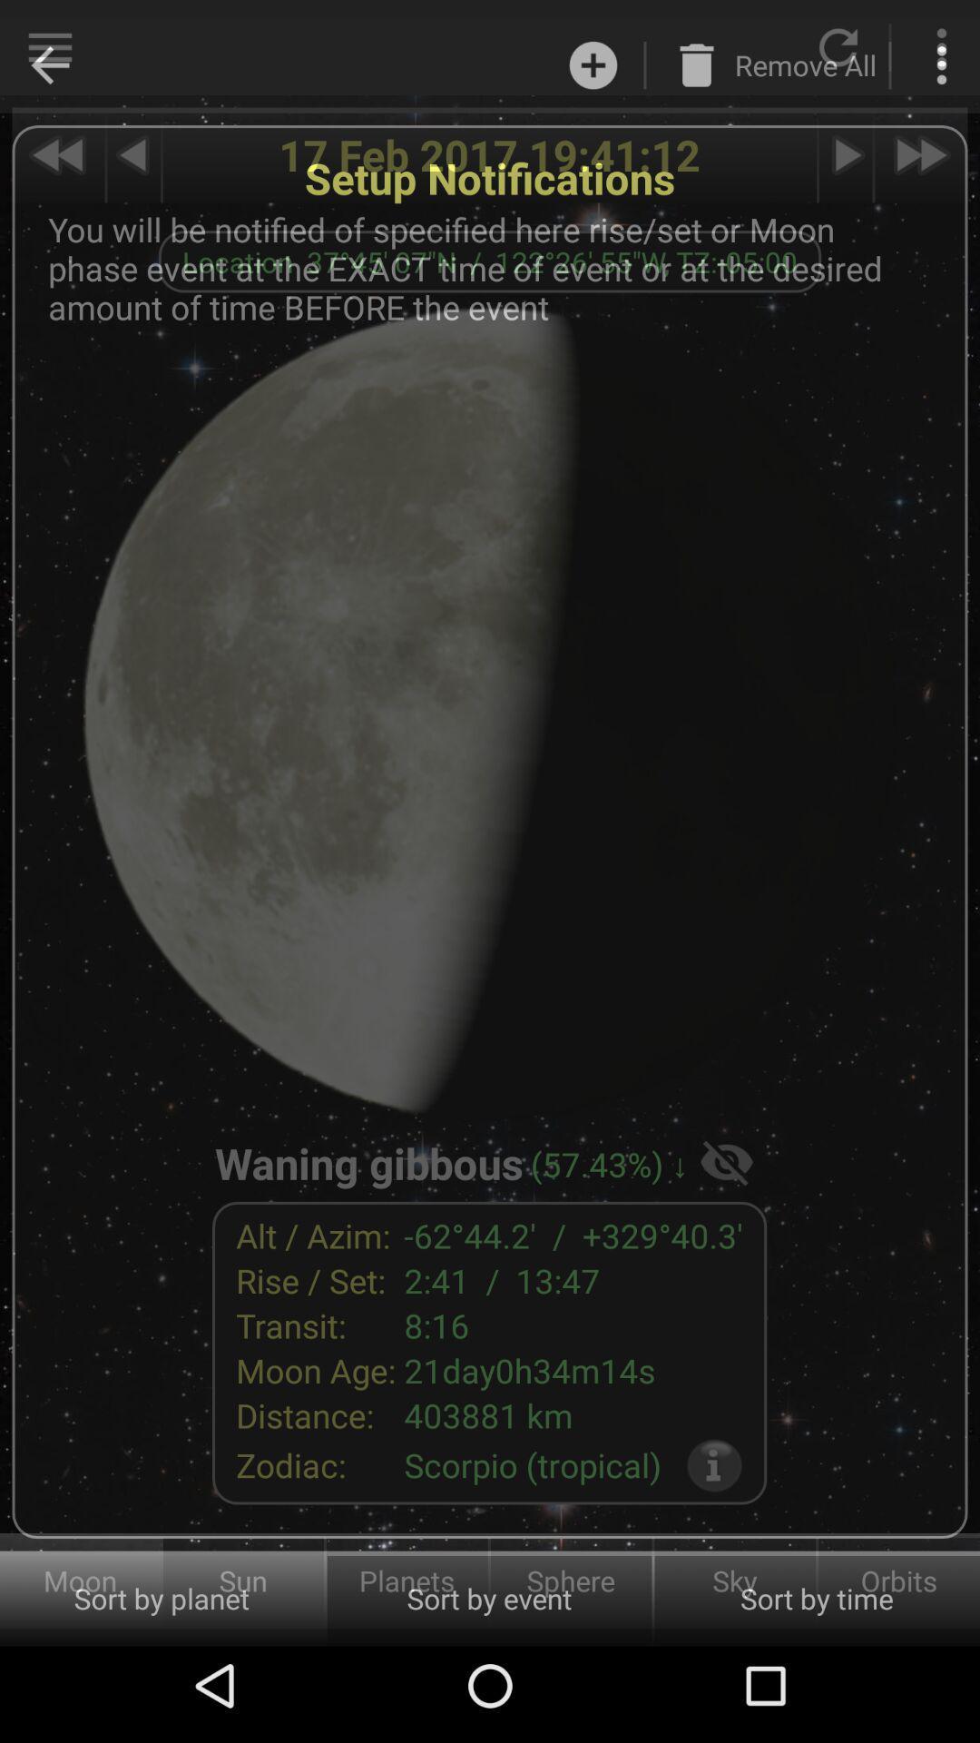 The height and width of the screenshot is (1743, 980). Describe the element at coordinates (49, 47) in the screenshot. I see `the arrow_backward icon` at that location.